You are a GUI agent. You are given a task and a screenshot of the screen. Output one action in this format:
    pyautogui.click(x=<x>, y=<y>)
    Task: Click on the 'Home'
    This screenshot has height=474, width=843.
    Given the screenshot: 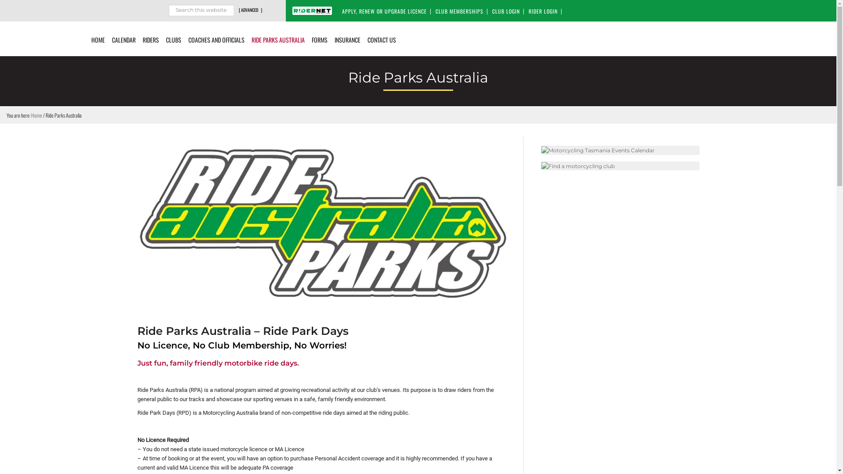 What is the action you would take?
    pyautogui.click(x=36, y=115)
    